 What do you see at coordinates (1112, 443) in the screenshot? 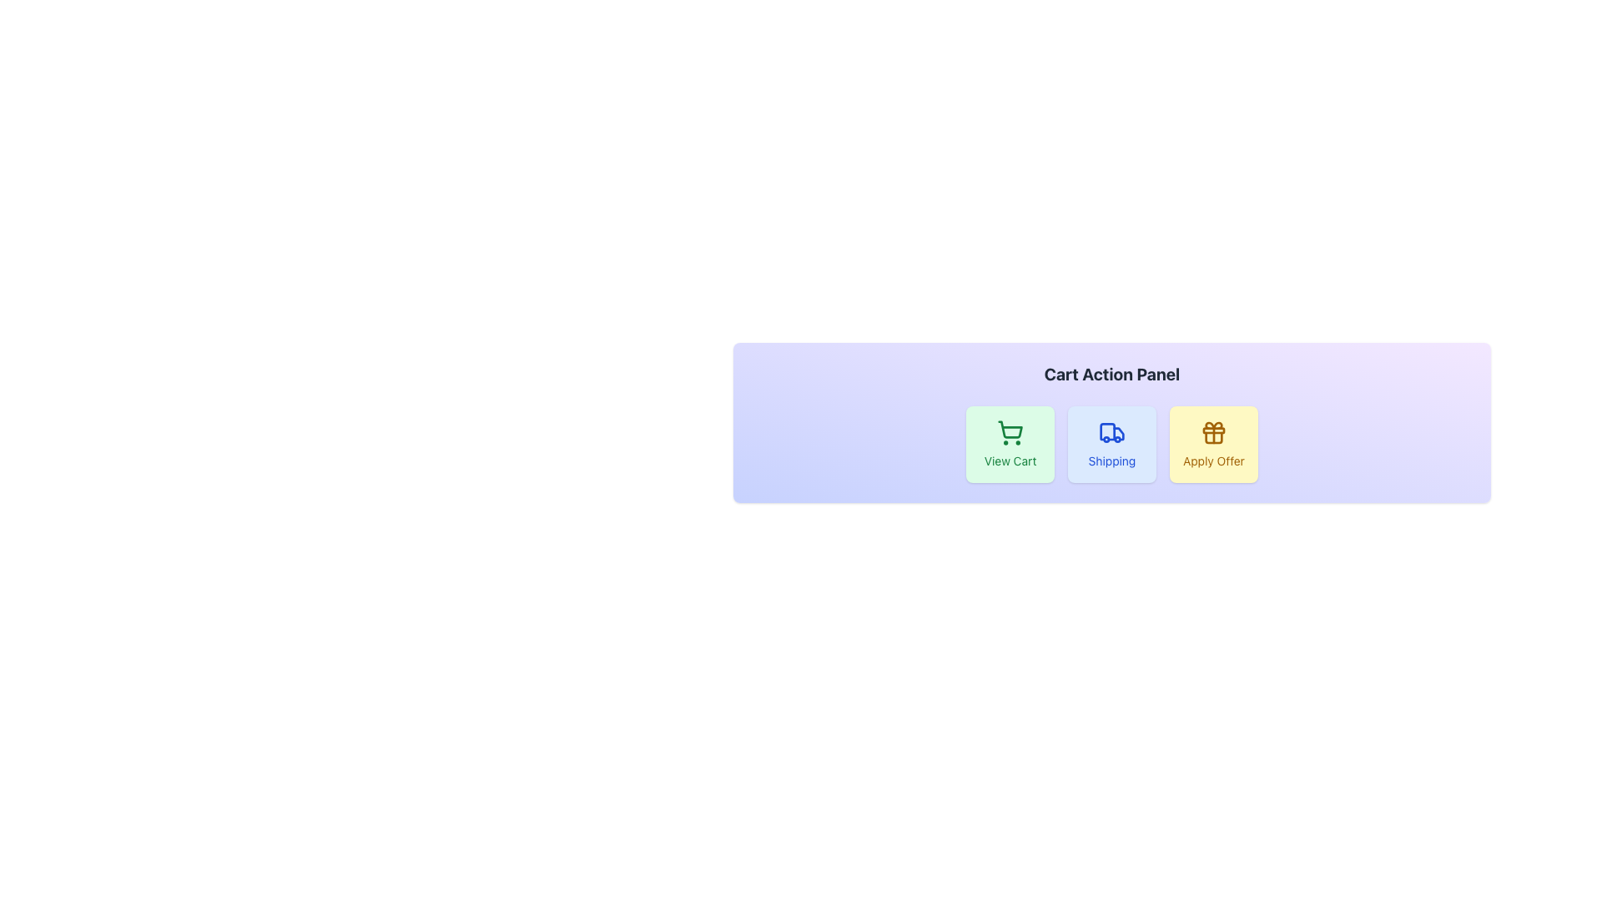
I see `the 'Shipping' button located centrally in the 'Cart Action Panel', positioned between the 'View Cart' and 'Apply Offer' buttons` at bounding box center [1112, 443].